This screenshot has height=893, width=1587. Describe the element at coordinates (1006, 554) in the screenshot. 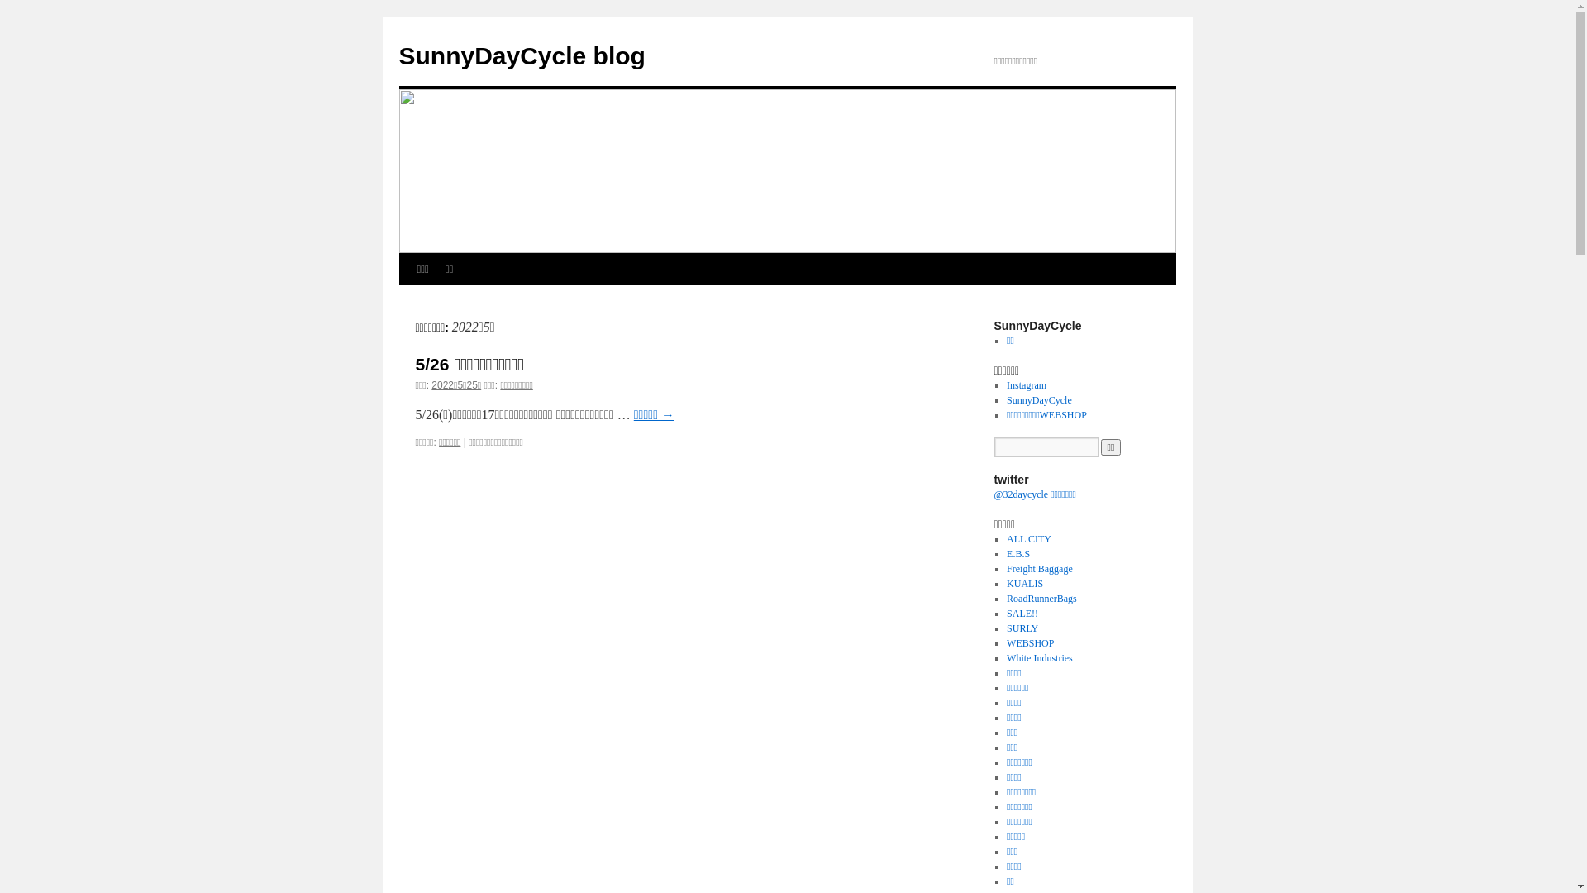

I see `'E.B.S'` at that location.